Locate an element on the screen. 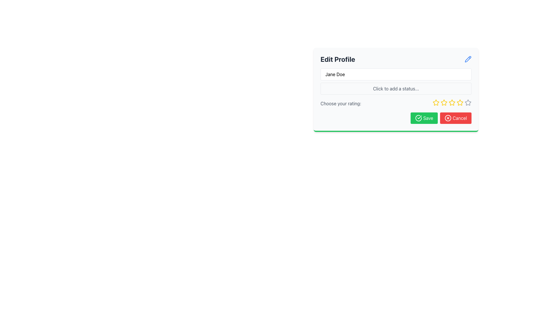 This screenshot has width=549, height=309. the fifth star-shaped rating icon, which is yellow outlined and located below the 'Choose your rating:' input field is located at coordinates (460, 102).